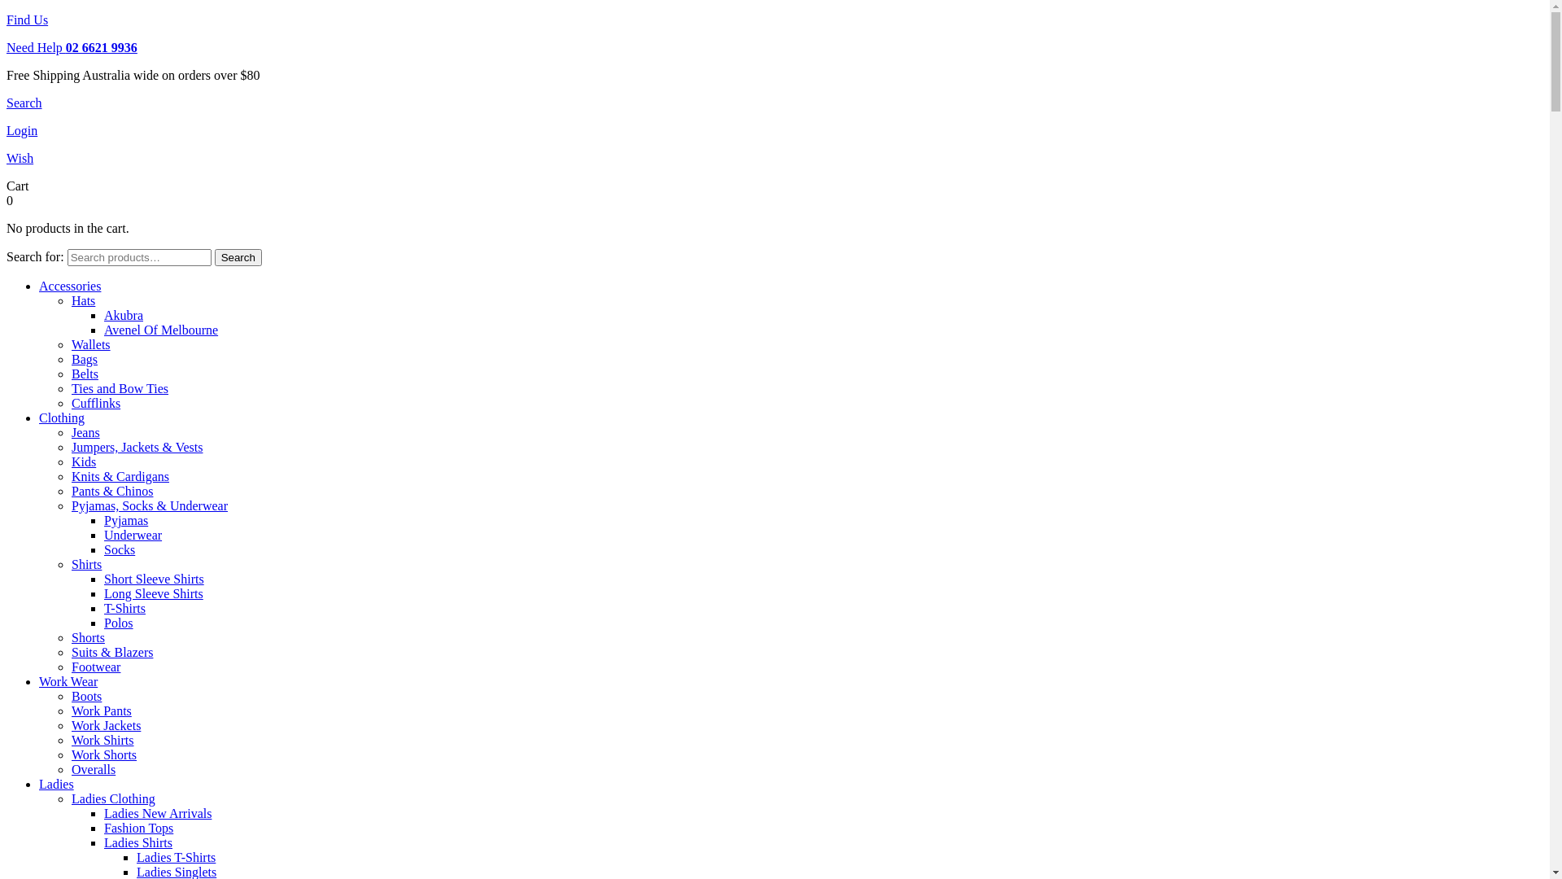 This screenshot has height=879, width=1562. What do you see at coordinates (7, 46) in the screenshot?
I see `'Need Help 02 6621 9936'` at bounding box center [7, 46].